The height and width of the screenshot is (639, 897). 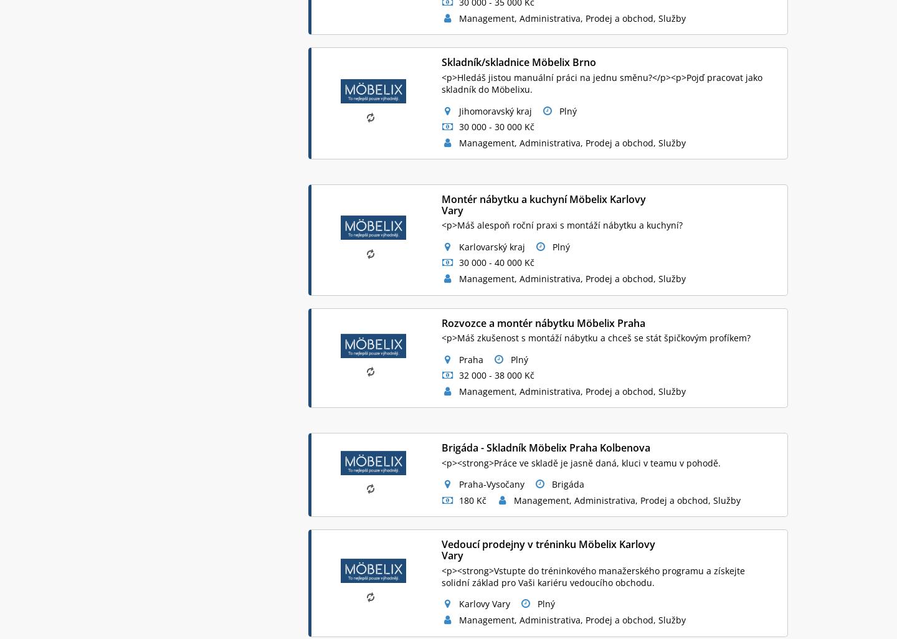 I want to click on '<p><strong>Práce ve skladě je jasně daná, kluci v teamu v pohodě.', so click(x=580, y=462).